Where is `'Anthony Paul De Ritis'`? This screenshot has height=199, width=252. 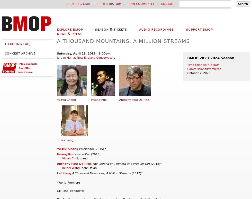
'Anthony Paul De Ritis' is located at coordinates (57, 164).